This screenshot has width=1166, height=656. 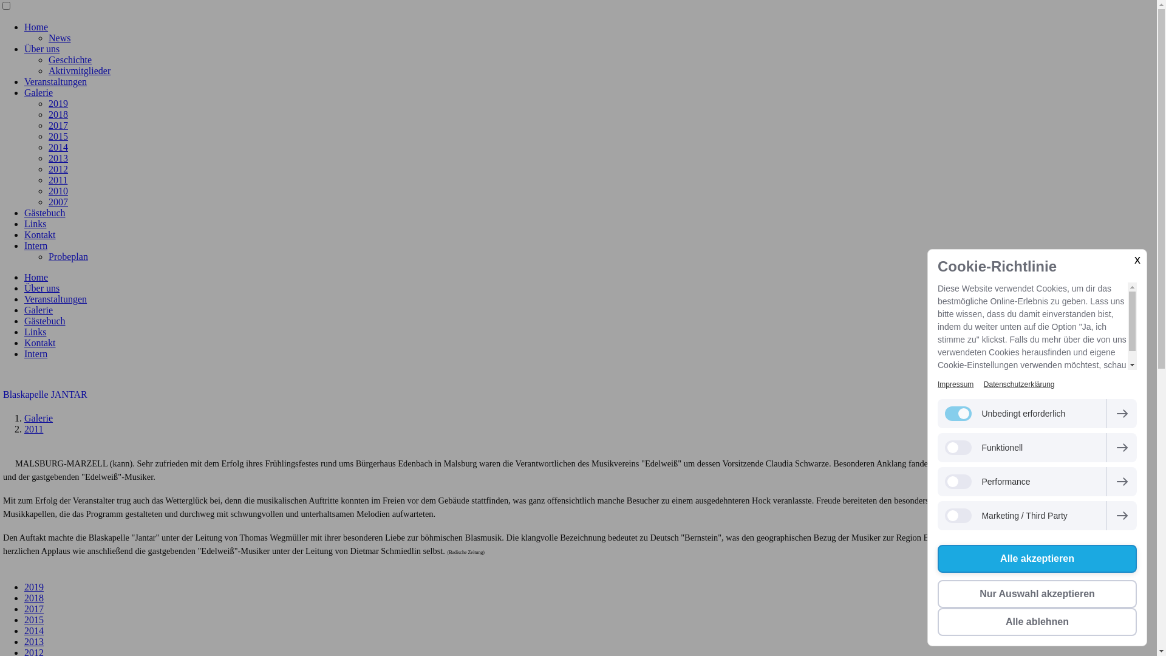 I want to click on 'Links', so click(x=24, y=332).